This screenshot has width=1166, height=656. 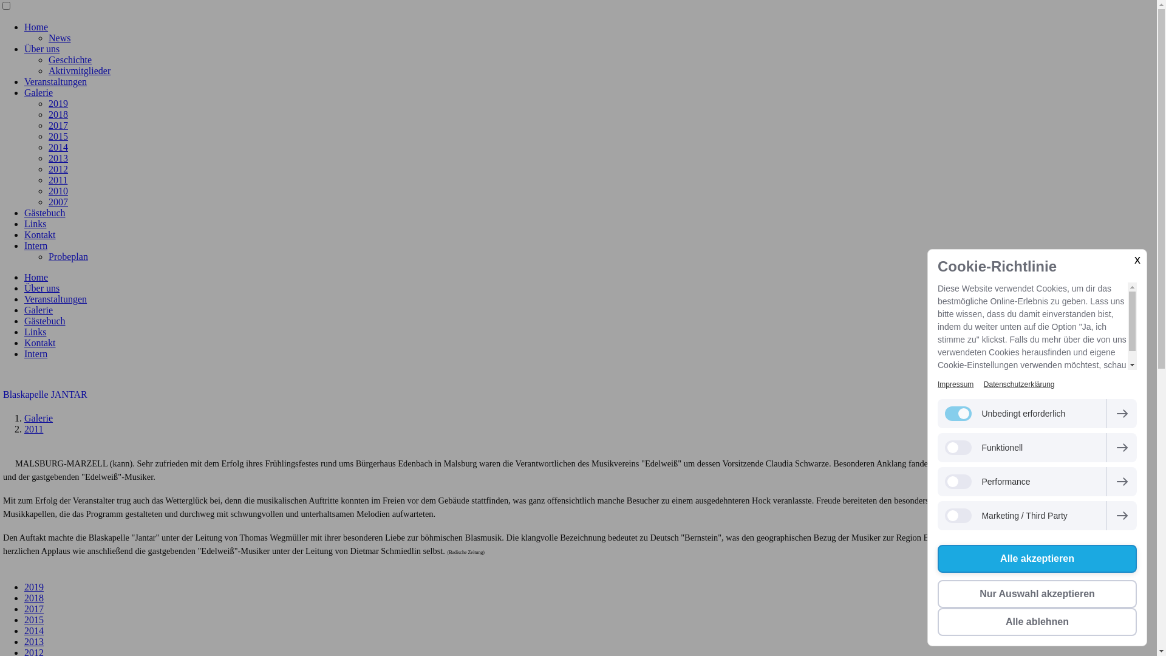 I want to click on 'Links', so click(x=24, y=332).